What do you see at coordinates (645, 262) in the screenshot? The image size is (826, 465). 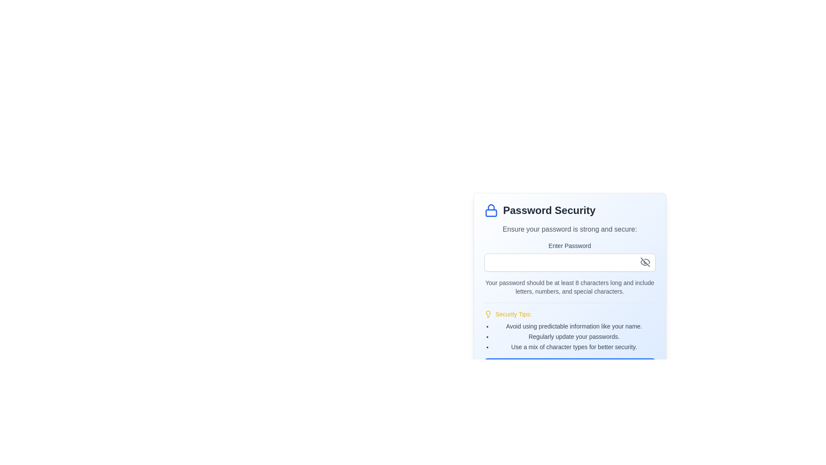 I see `the visibility toggle button, which is an icon depicting an eye with a diagonal line through it, located at the top-right corner of the password input field` at bounding box center [645, 262].